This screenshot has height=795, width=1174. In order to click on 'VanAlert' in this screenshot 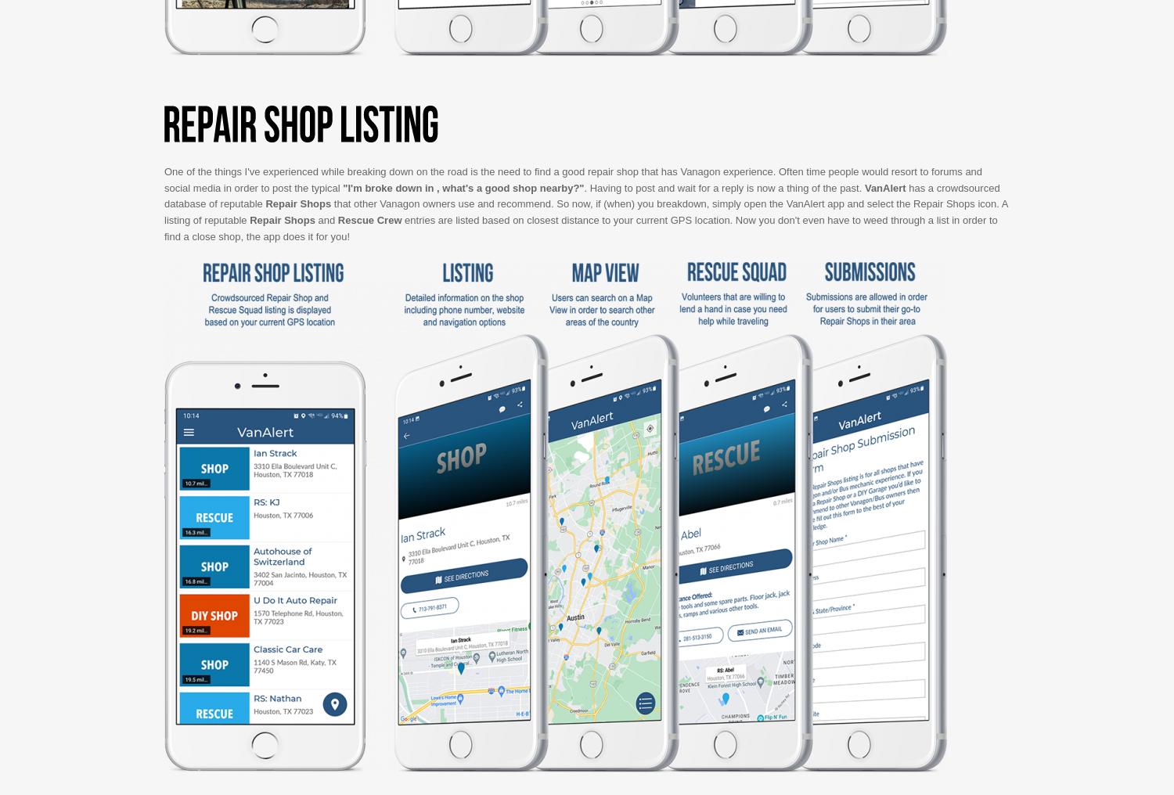, I will do `click(884, 187)`.